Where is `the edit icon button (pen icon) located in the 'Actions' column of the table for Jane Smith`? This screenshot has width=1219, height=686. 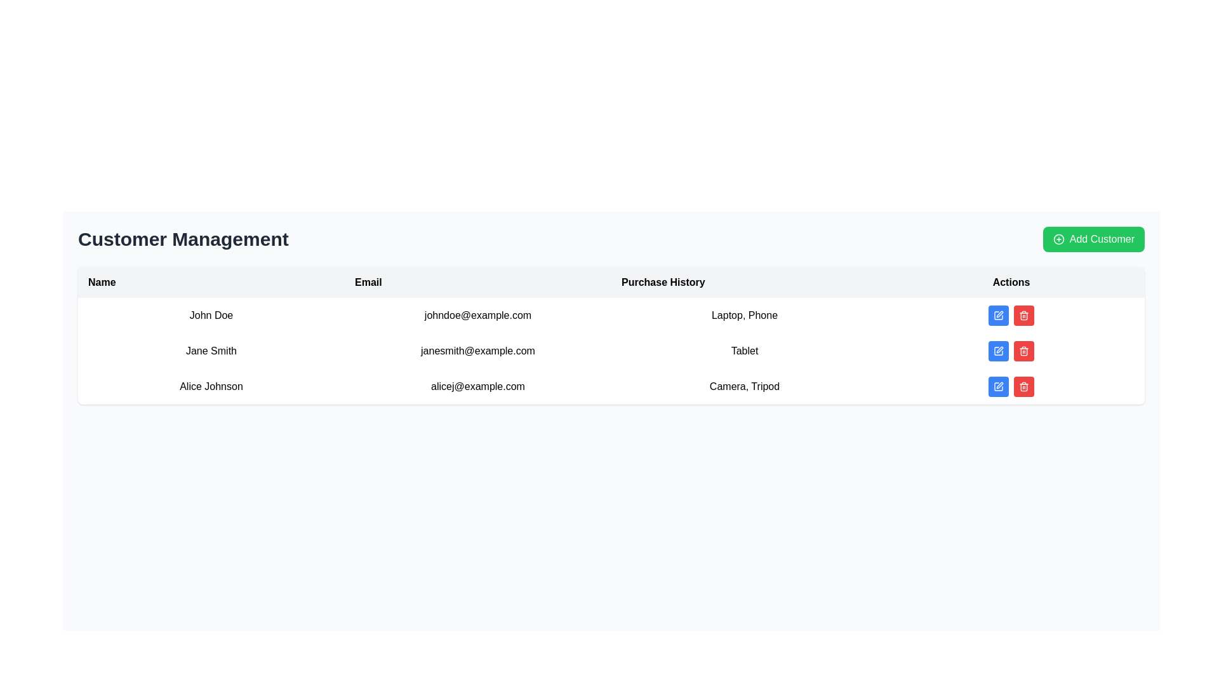 the edit icon button (pen icon) located in the 'Actions' column of the table for Jane Smith is located at coordinates (999, 350).